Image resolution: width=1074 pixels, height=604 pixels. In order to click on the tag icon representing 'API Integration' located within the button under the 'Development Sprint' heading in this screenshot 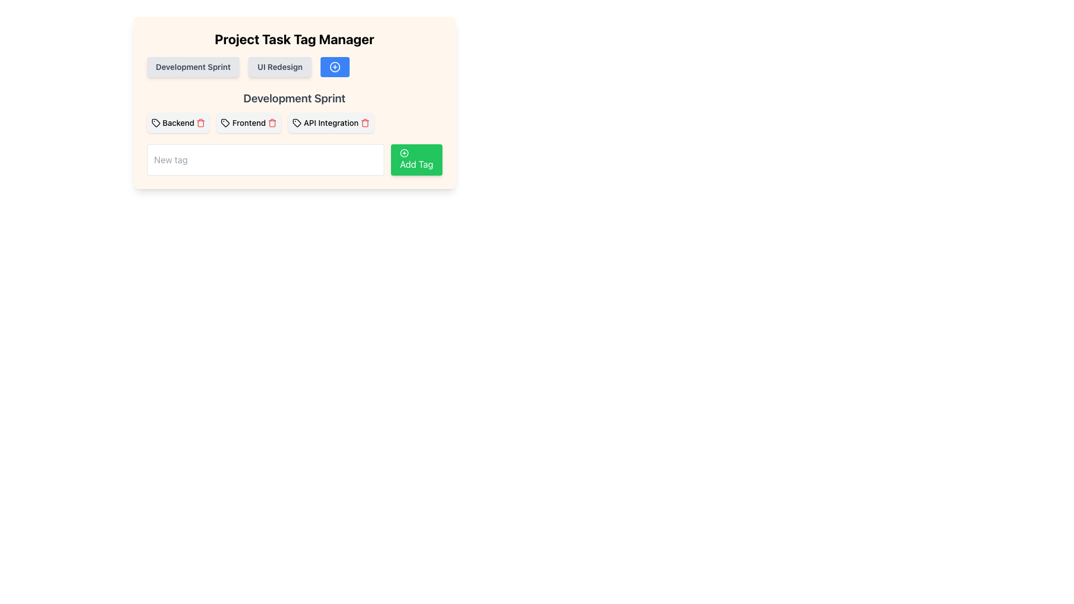, I will do `click(297, 122)`.